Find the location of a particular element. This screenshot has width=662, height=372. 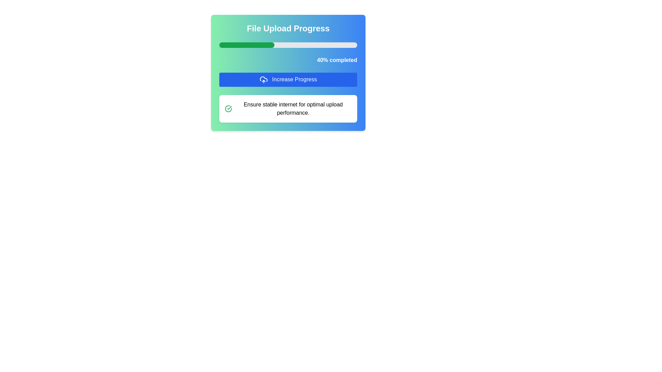

the cloud upload icon located on the left side of the 'Increase Progress' button within the progress card layout is located at coordinates (263, 79).